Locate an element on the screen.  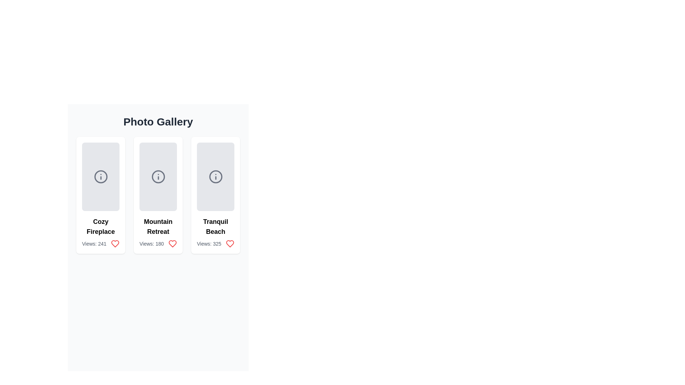
the circular boundary of the 'info' icon located in the 'Mountain Retreat' card is located at coordinates (158, 176).